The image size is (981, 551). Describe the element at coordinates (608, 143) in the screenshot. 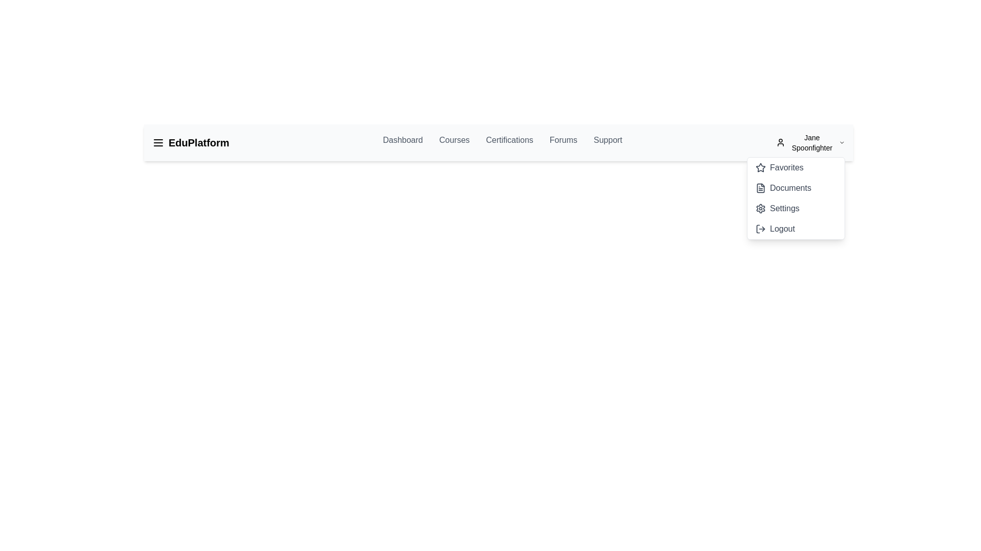

I see `the 'Support' hyperlink in the horizontal navigation bar` at that location.